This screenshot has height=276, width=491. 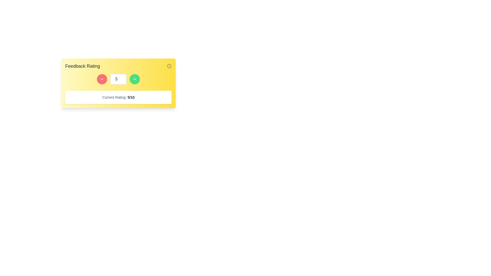 What do you see at coordinates (102, 79) in the screenshot?
I see `the small downward-facing chevron icon inside the circular red button located to the left of the numeric input field under the 'Feedback Rating' panel to decrease the rating` at bounding box center [102, 79].